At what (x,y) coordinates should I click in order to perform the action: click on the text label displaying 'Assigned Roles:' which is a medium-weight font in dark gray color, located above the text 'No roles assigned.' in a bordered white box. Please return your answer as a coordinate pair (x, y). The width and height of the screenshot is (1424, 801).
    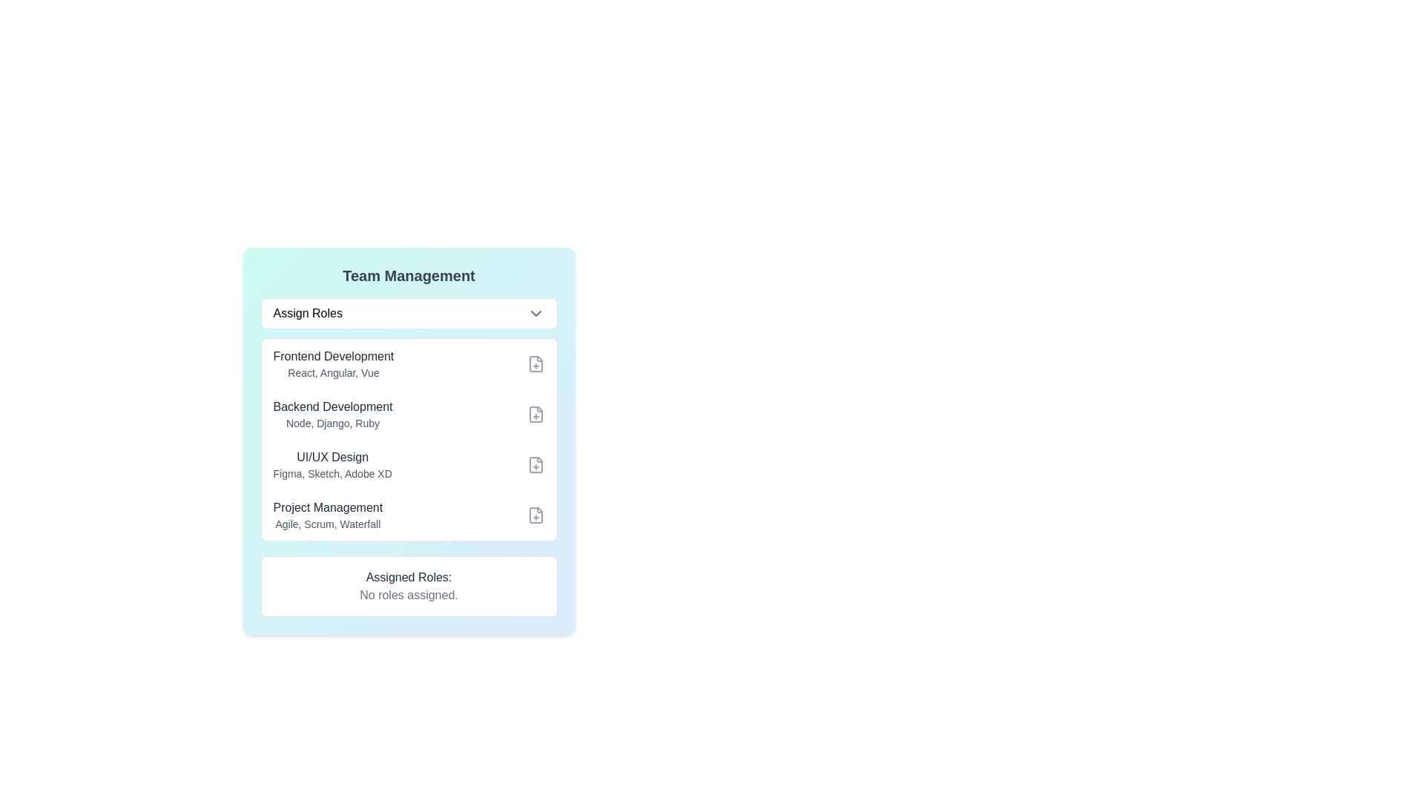
    Looking at the image, I should click on (409, 577).